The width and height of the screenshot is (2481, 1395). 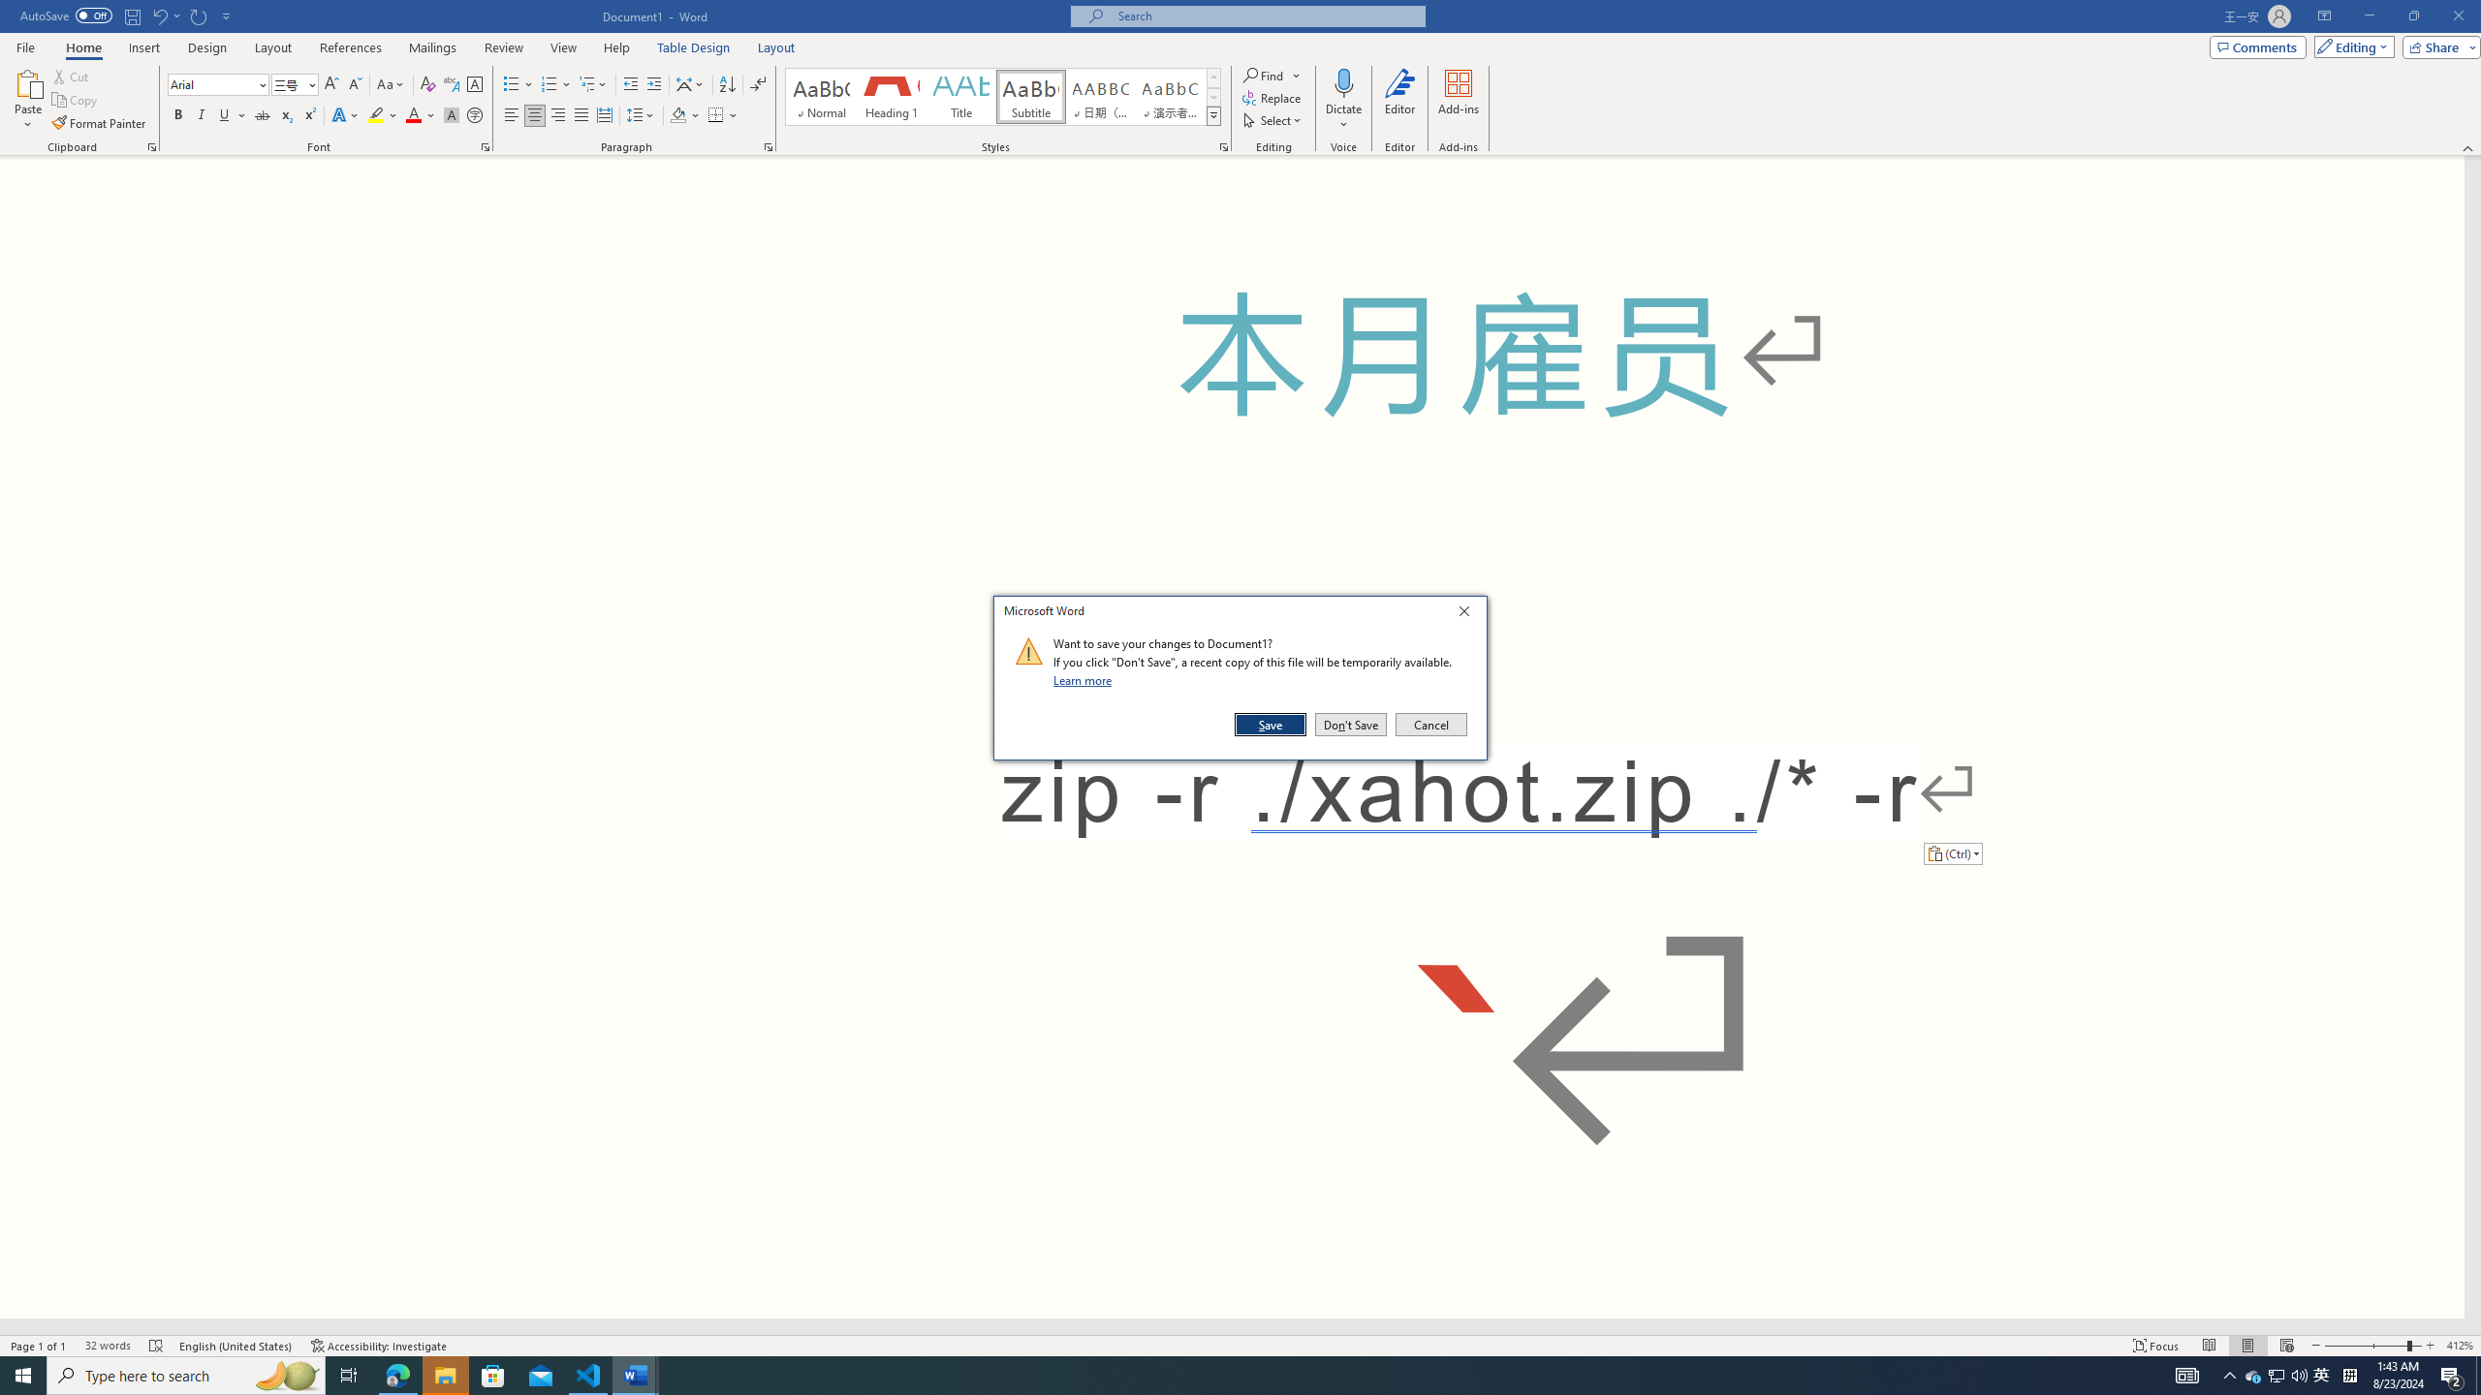 I want to click on 'Editor', so click(x=1399, y=100).